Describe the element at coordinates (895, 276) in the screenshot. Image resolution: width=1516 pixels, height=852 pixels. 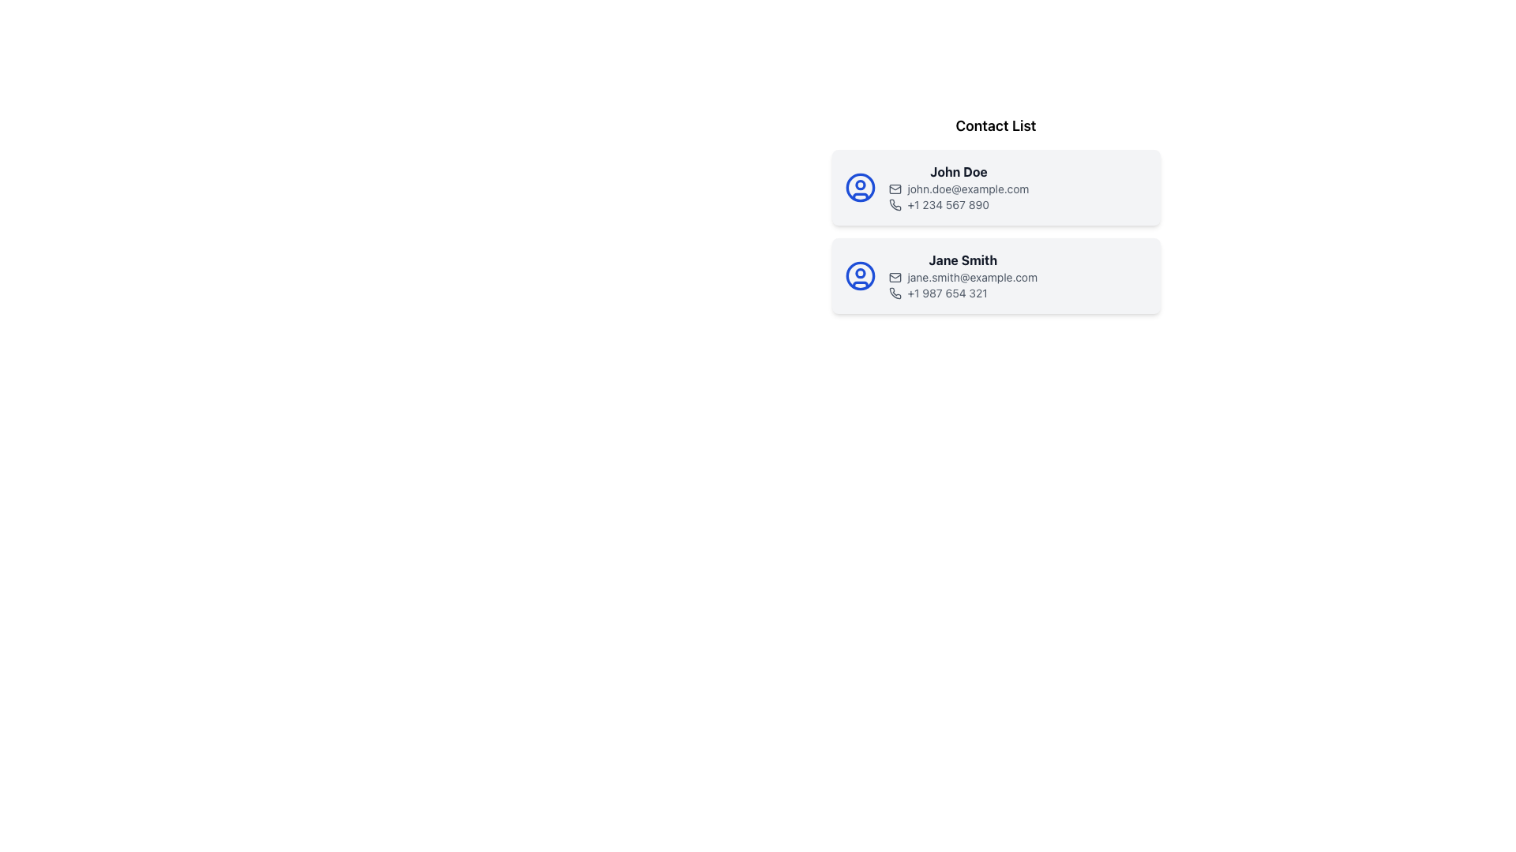
I see `the email icon located to the immediate left of the text 'jane.smith@example.com' in the second contact entry under 'Jane Smith' within the contact list` at that location.